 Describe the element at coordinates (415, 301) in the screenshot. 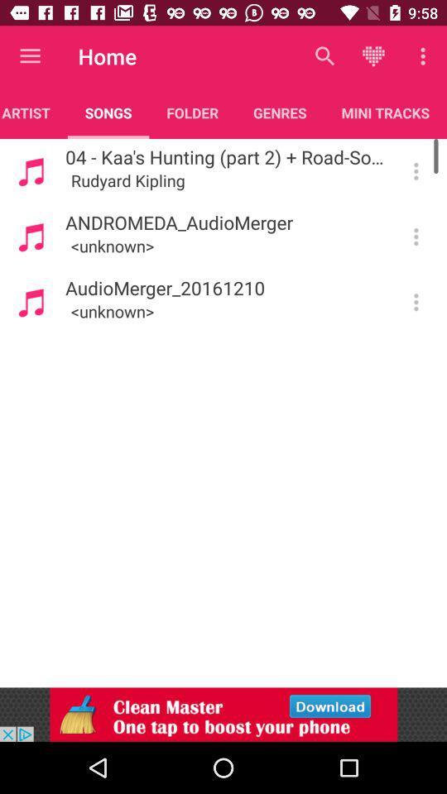

I see `see song details` at that location.